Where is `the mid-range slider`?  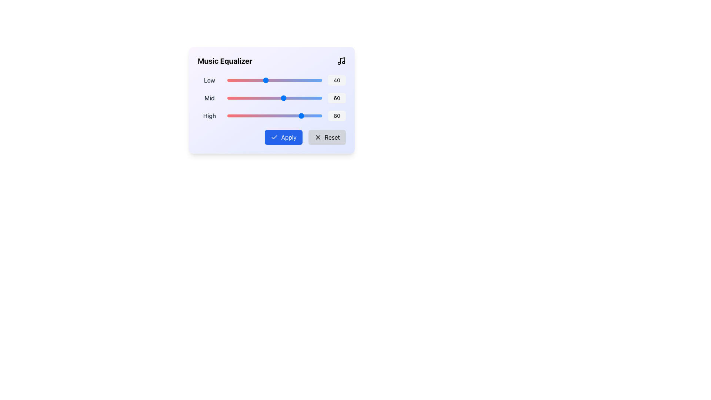
the mid-range slider is located at coordinates (313, 98).